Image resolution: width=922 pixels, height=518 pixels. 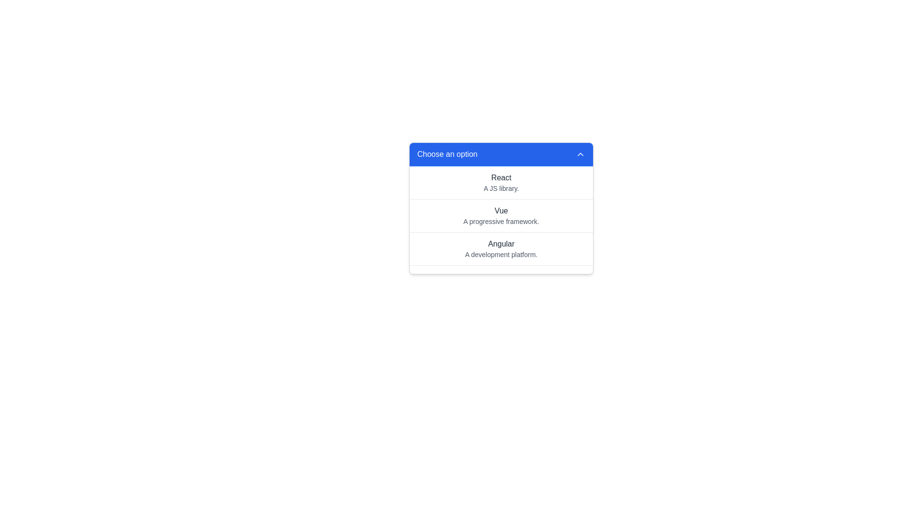 I want to click on the second option 'Vue' in the dropdown menu that has a blue header reading 'Choose an option', so click(x=500, y=208).